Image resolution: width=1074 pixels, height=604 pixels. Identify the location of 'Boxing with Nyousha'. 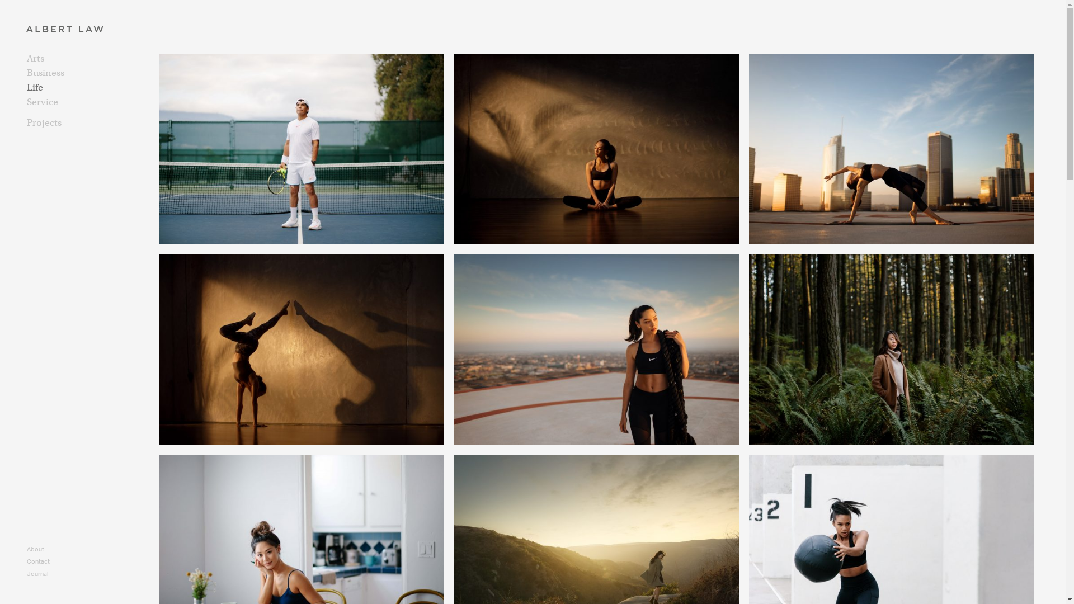
(58, 137).